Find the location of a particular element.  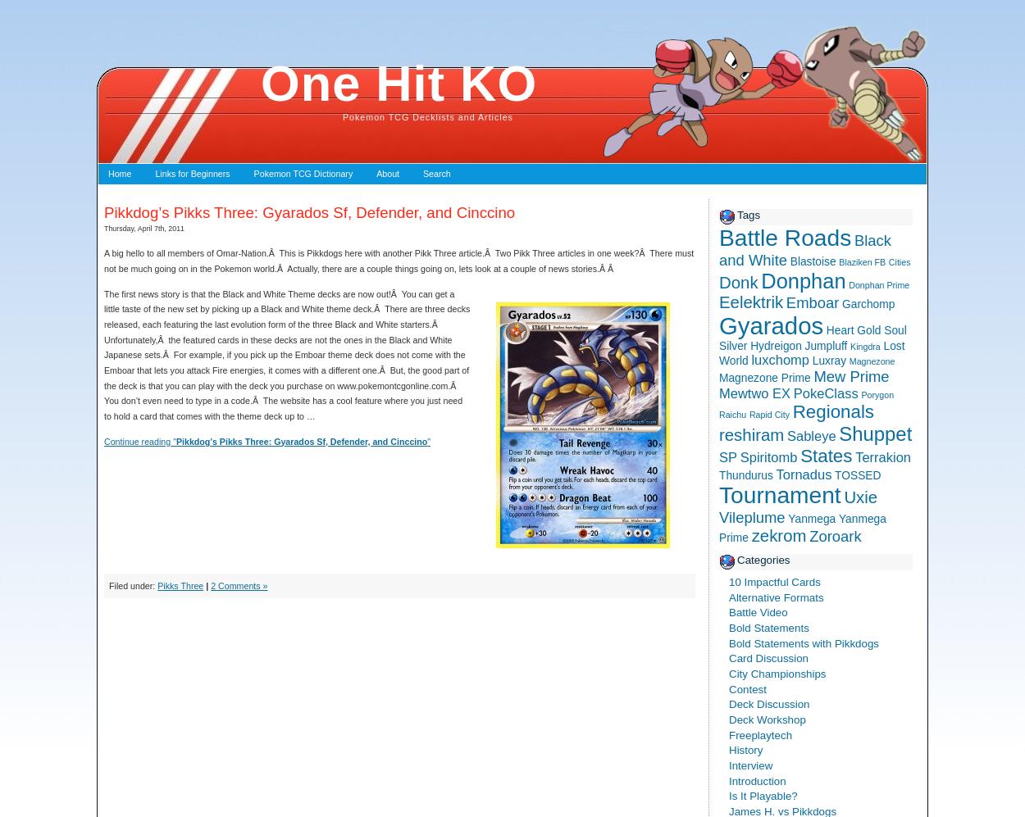

'About' is located at coordinates (387, 173).